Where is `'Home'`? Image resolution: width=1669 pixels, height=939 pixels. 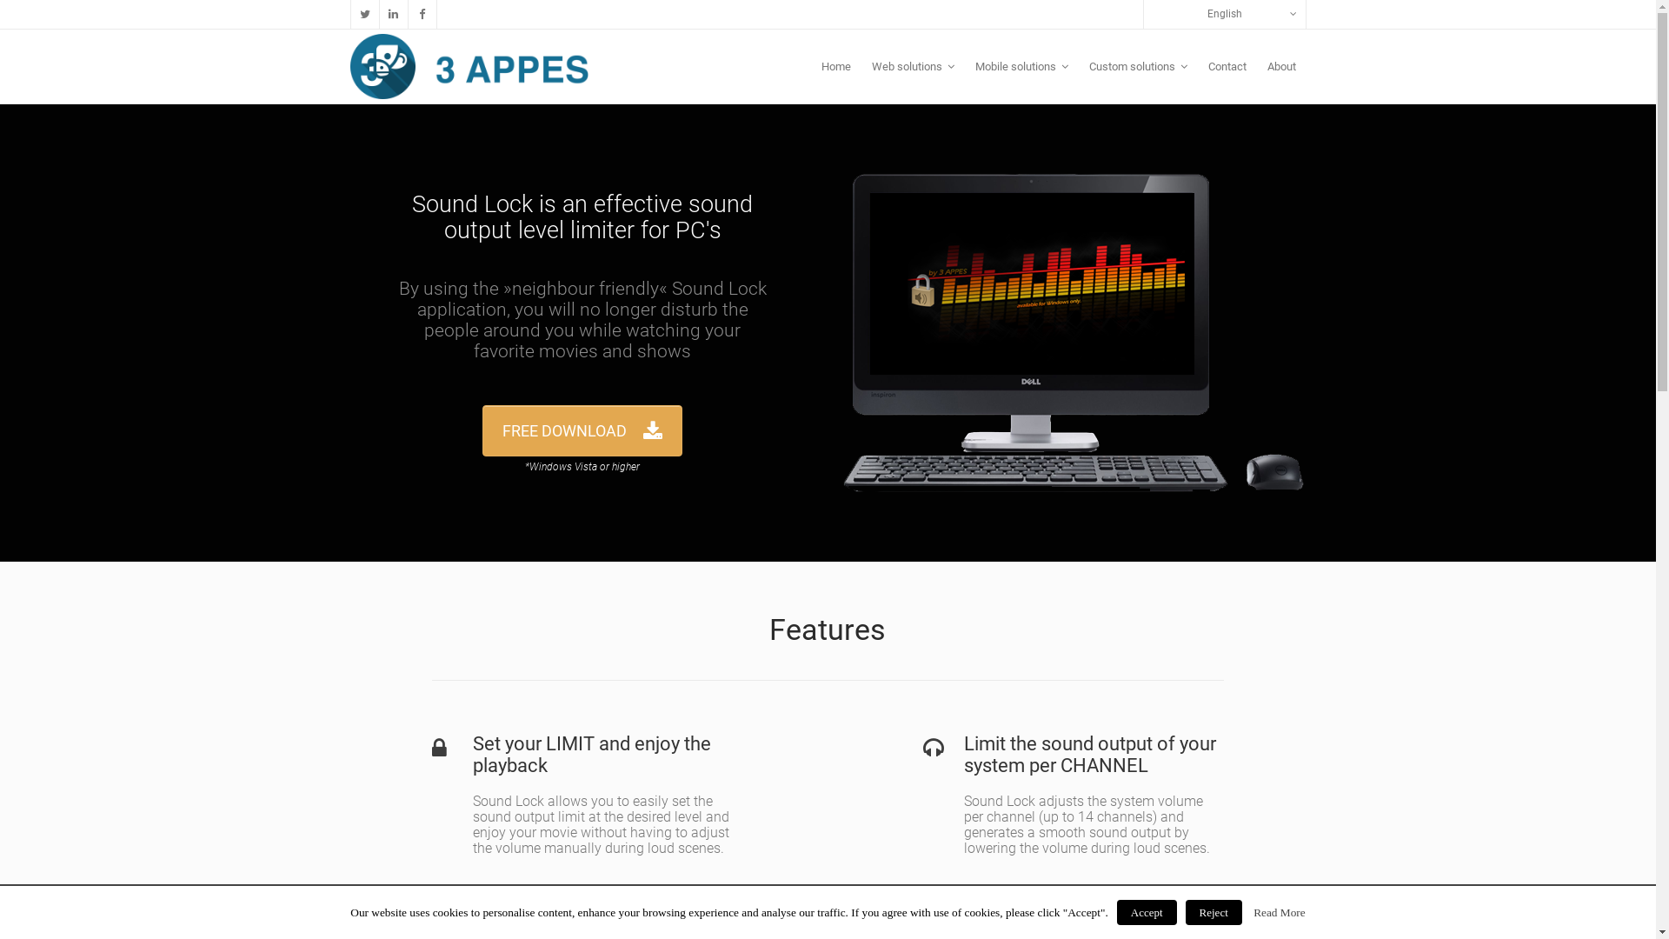 'Home' is located at coordinates (808, 65).